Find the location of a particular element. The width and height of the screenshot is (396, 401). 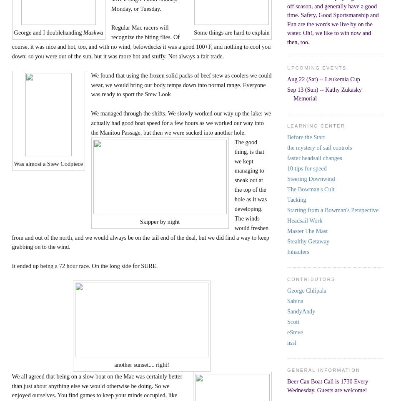

'General Information' is located at coordinates (323, 369).